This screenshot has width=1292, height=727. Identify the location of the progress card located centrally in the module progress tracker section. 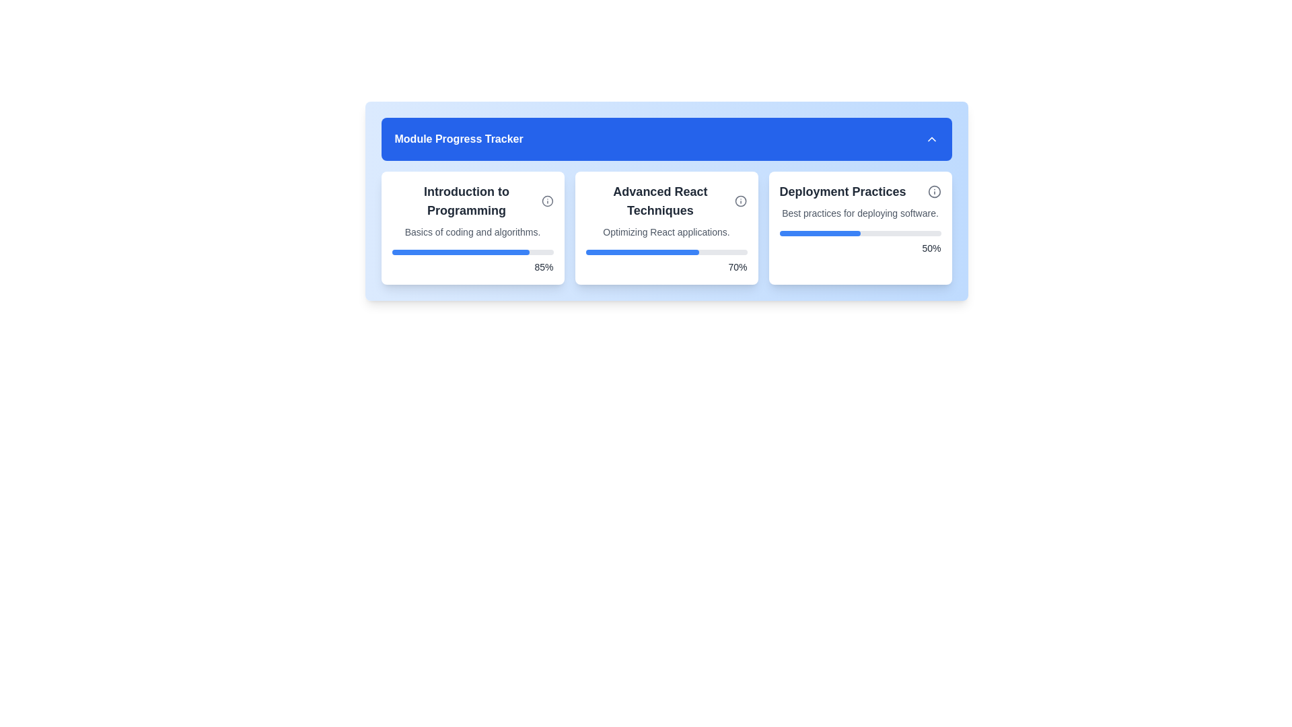
(666, 228).